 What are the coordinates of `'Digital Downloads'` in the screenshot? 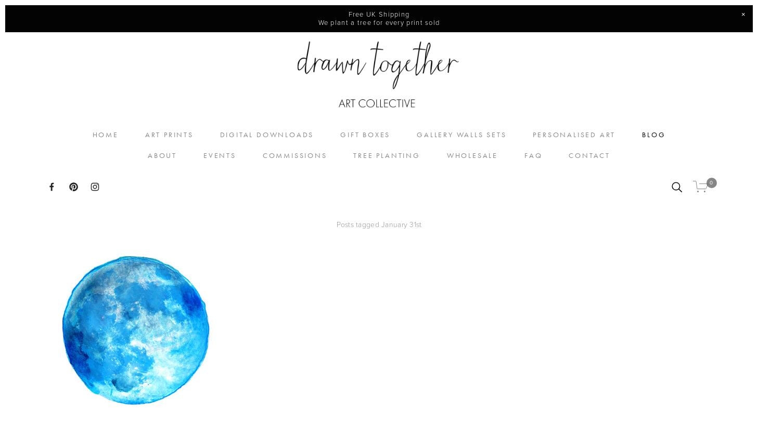 It's located at (266, 134).